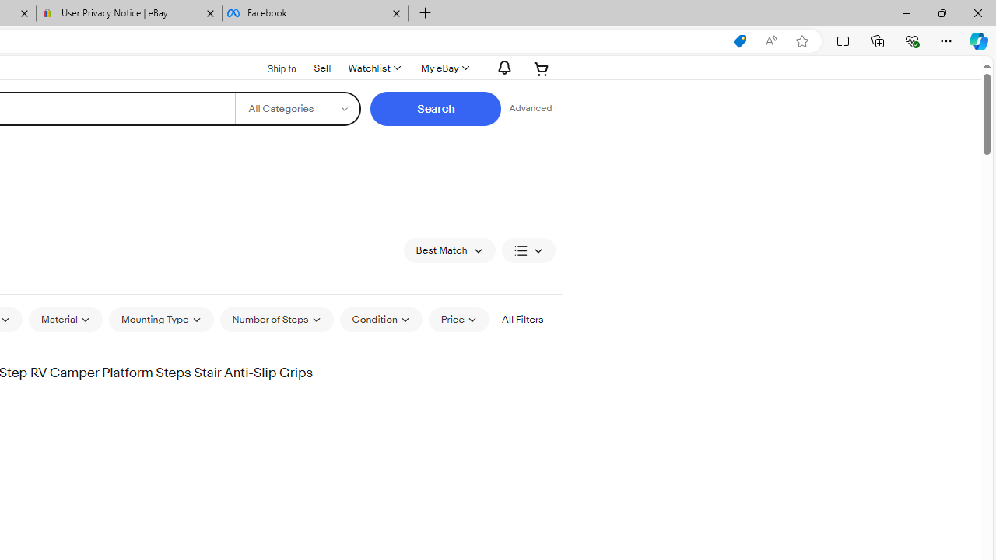  I want to click on 'Facebook', so click(314, 13).